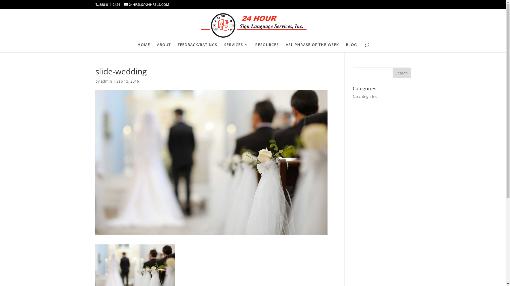 This screenshot has height=286, width=510. What do you see at coordinates (144, 48) in the screenshot?
I see `'HOME'` at bounding box center [144, 48].